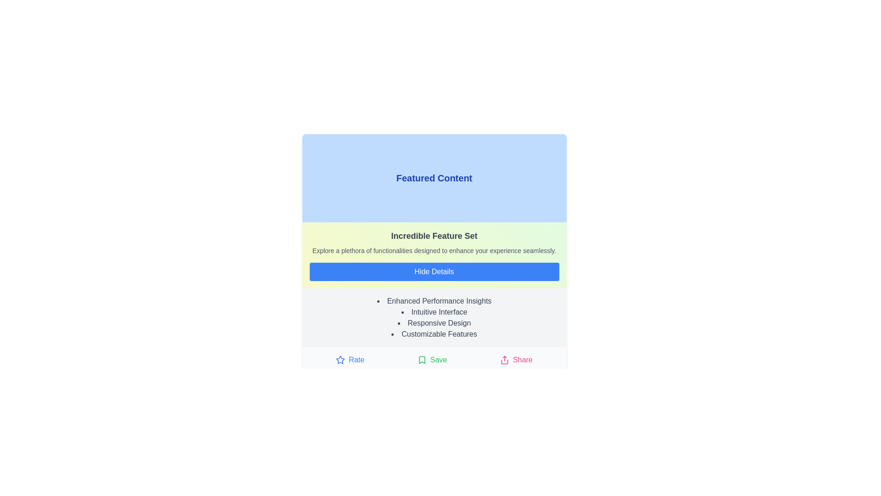 Image resolution: width=881 pixels, height=496 pixels. Describe the element at coordinates (434, 317) in the screenshot. I see `the List Display element, which is located below the 'Hide Details' button and above the 'Rate', 'Save', and 'Share' options` at that location.